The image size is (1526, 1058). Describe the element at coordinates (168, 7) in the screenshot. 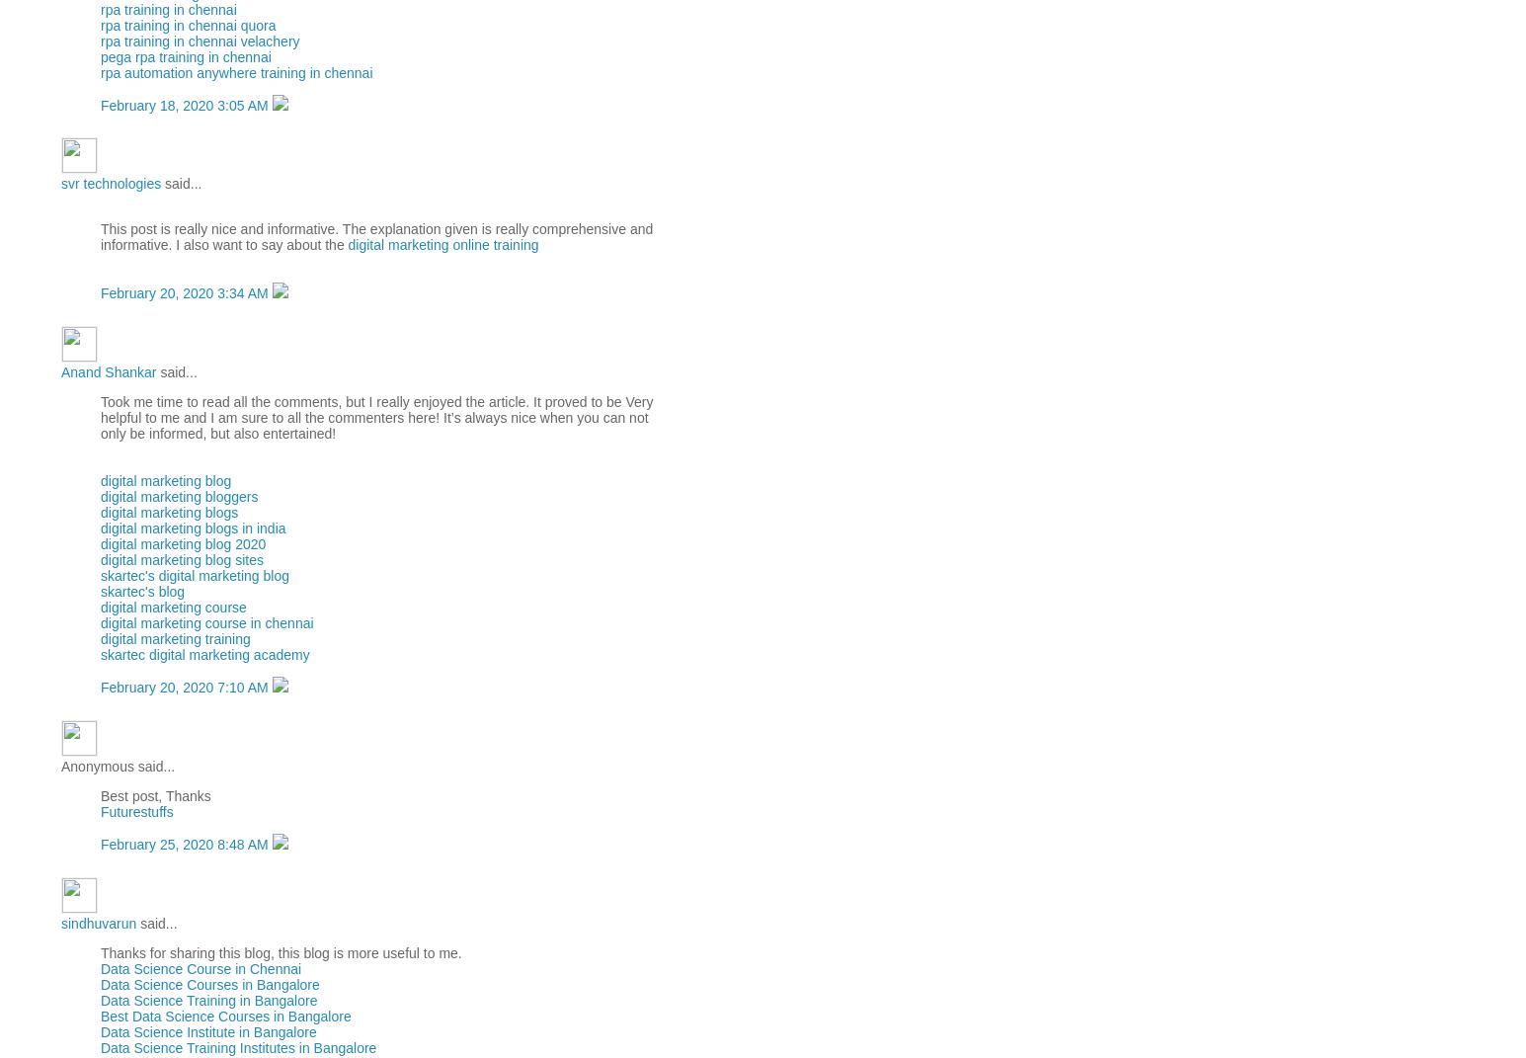

I see `'rpa training in chennai'` at that location.